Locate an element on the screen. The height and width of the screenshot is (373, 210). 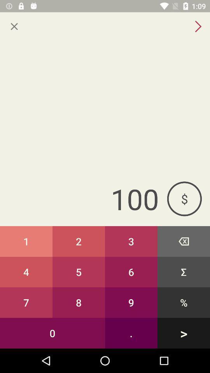
button to the right of 6 is located at coordinates (184, 302).